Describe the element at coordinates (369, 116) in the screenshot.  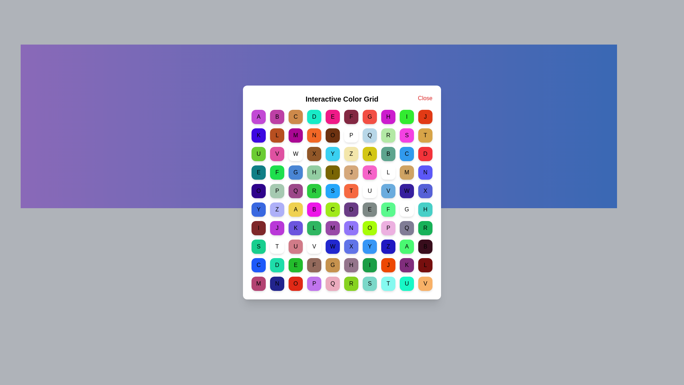
I see `the grid cell labeled G to view its color message` at that location.